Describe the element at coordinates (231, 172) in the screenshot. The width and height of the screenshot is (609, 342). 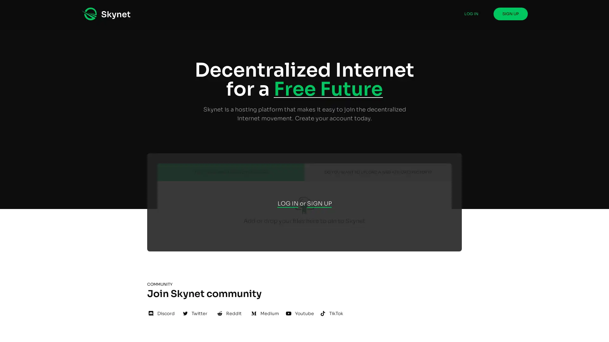
I see `TRY IT NOW AND UPLOAD YOUR FILES` at that location.